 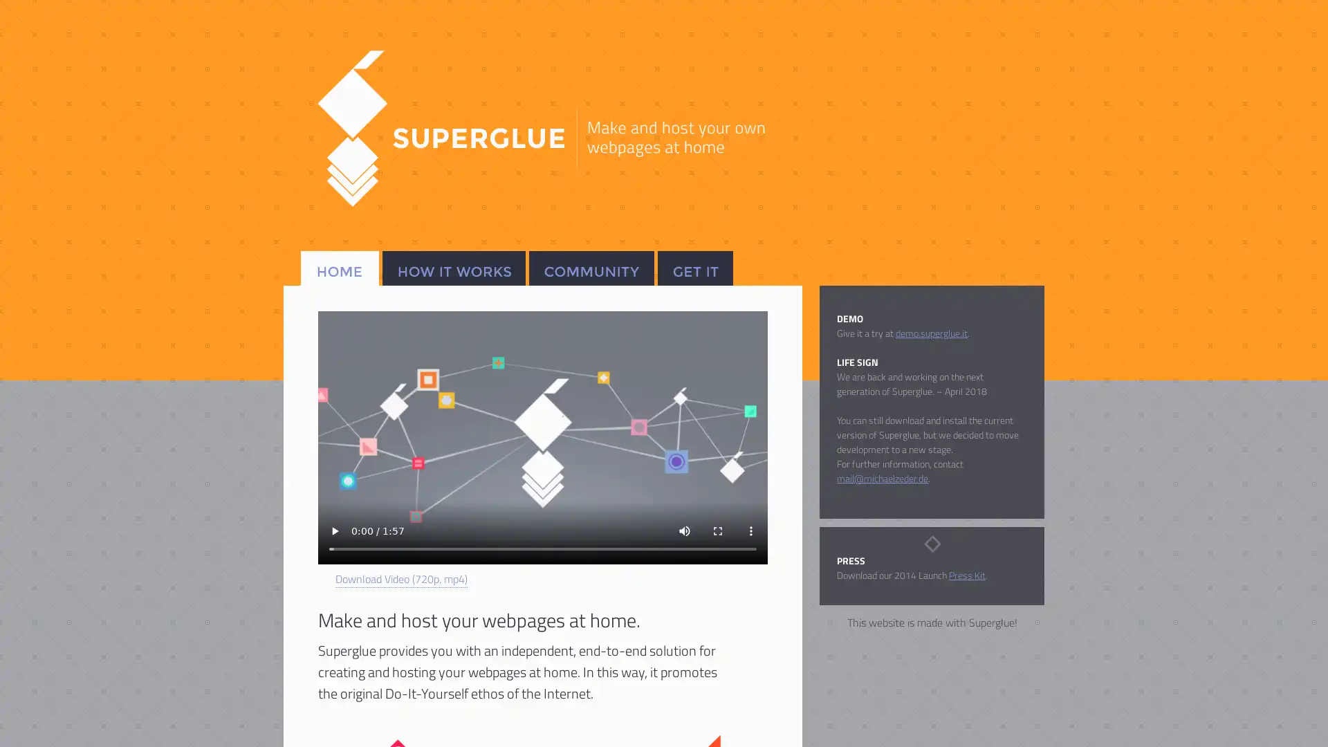 What do you see at coordinates (717, 530) in the screenshot?
I see `enter full screen` at bounding box center [717, 530].